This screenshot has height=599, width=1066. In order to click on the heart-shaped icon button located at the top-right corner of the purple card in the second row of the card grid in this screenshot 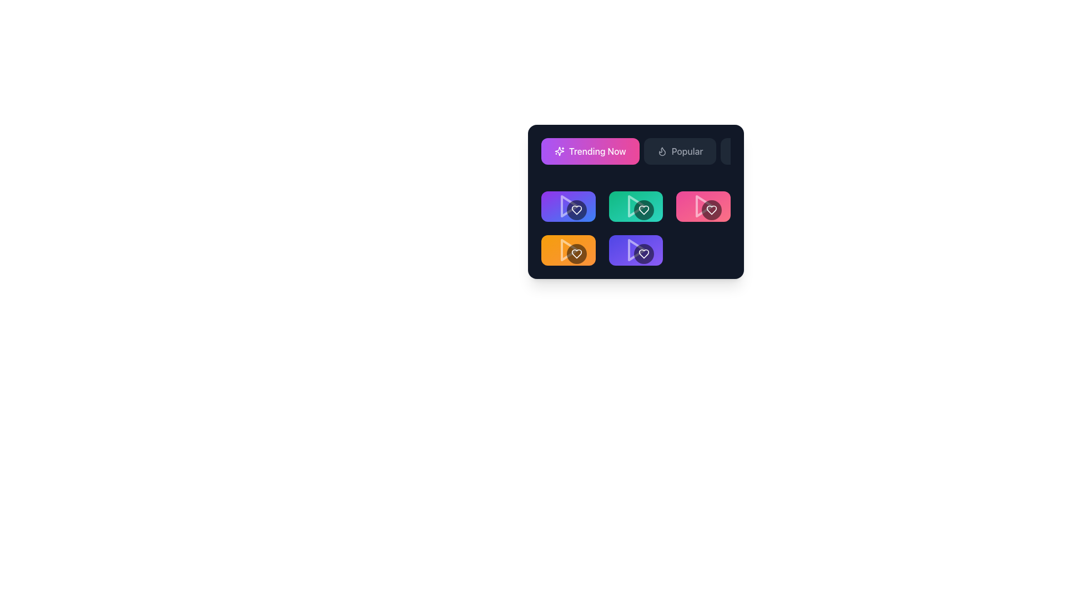, I will do `click(644, 253)`.